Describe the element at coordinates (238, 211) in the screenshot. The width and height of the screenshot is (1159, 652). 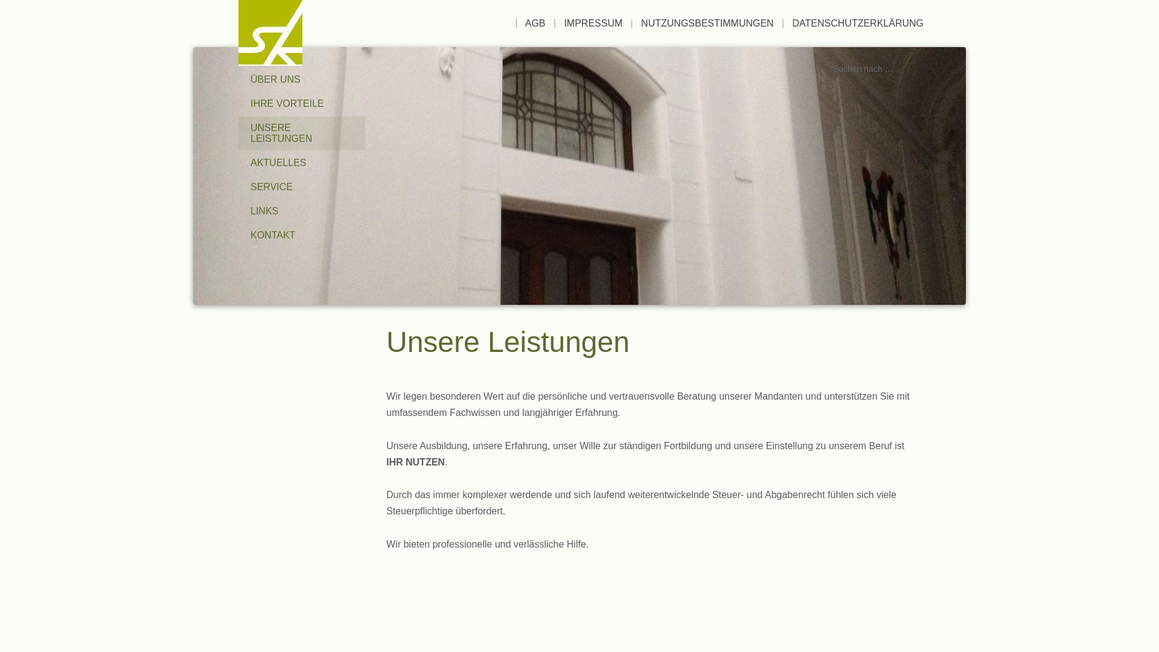
I see `'LINKS'` at that location.